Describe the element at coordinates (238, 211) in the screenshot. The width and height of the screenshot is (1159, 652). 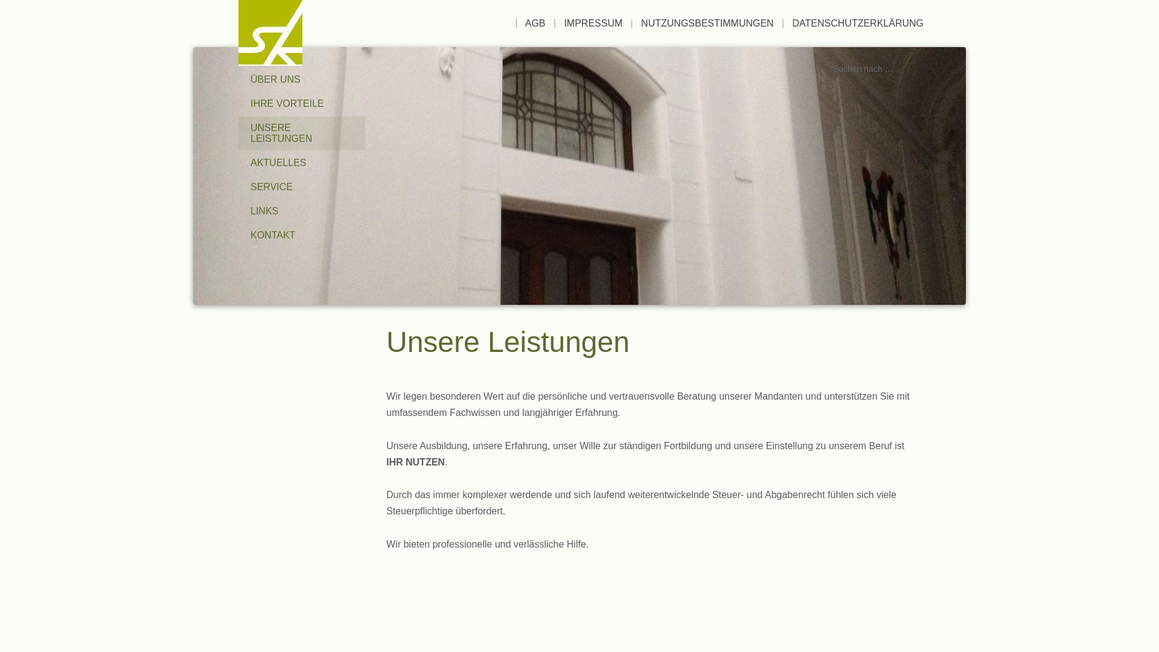
I see `'LINKS'` at that location.